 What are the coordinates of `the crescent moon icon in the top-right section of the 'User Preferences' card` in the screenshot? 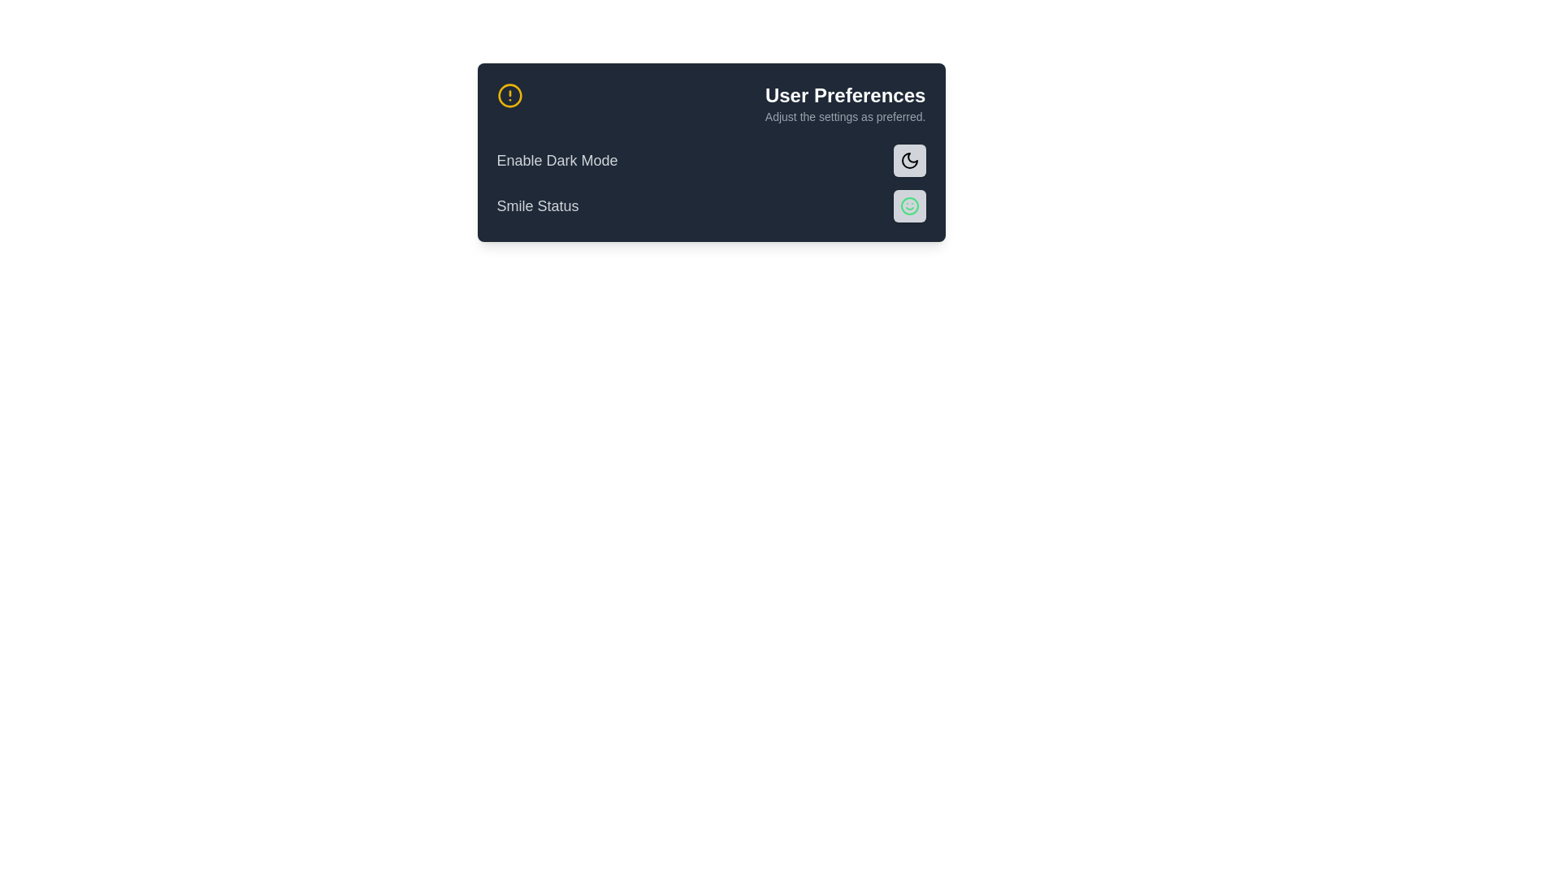 It's located at (908, 160).